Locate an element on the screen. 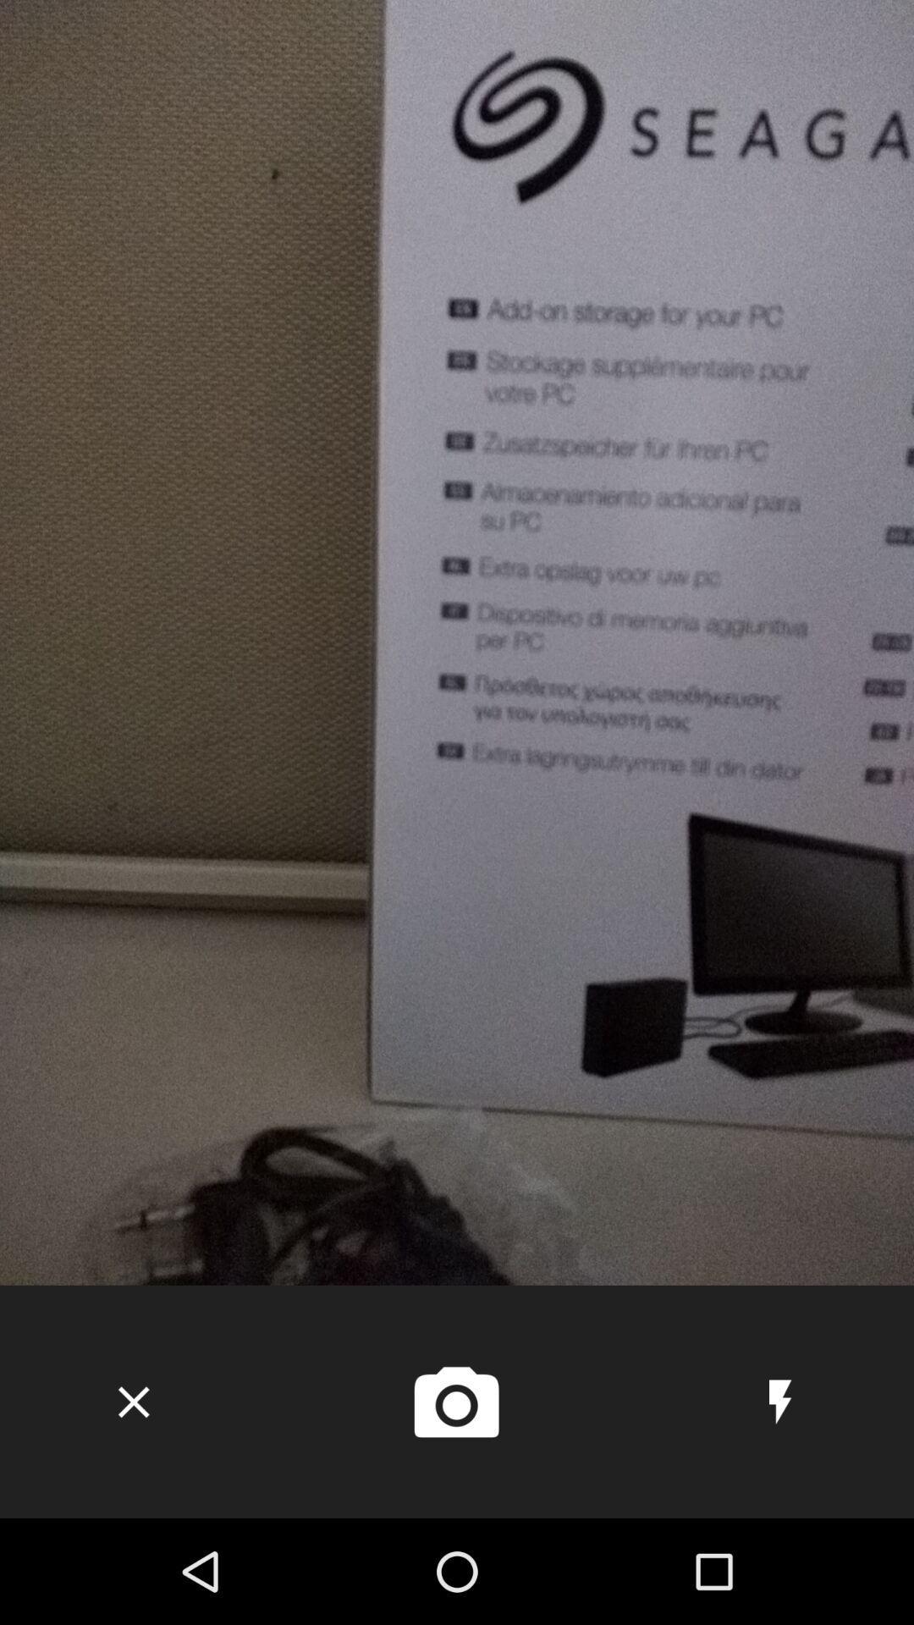 The width and height of the screenshot is (914, 1625). item at the bottom right corner is located at coordinates (780, 1402).